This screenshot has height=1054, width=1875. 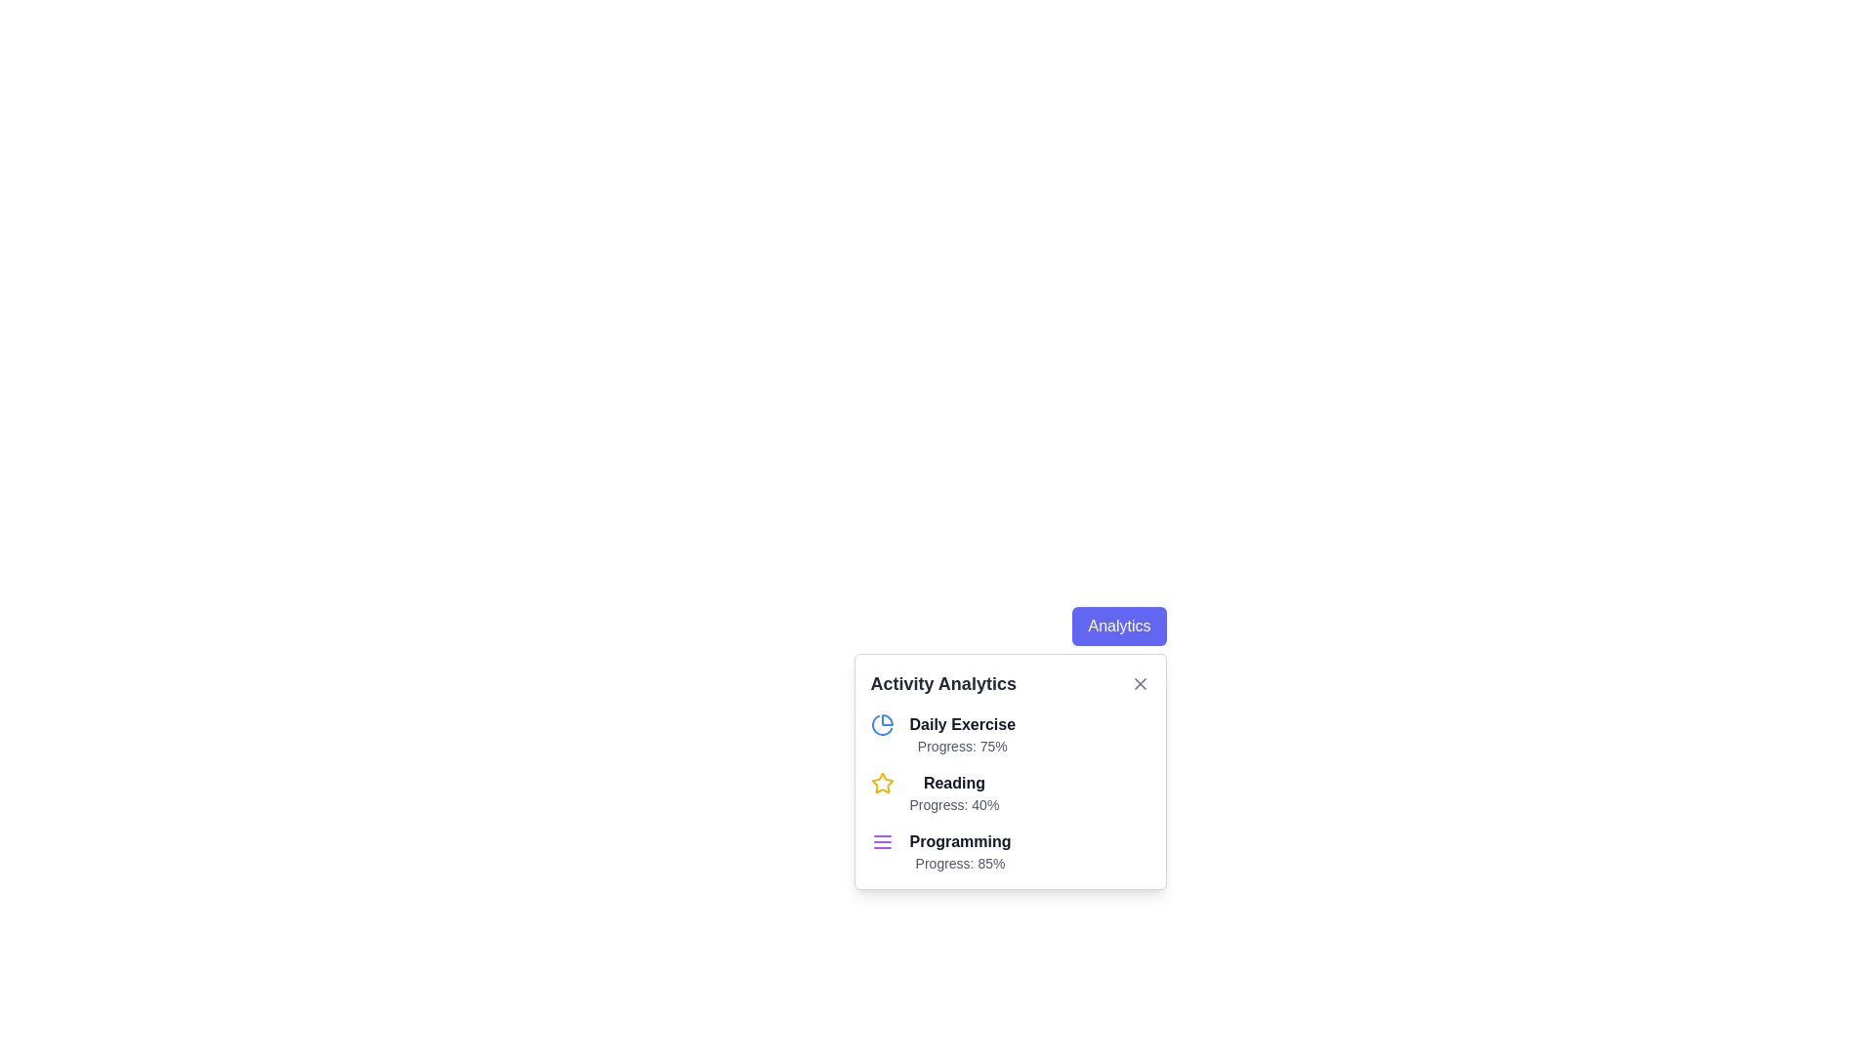 I want to click on the close button located at the top-right corner of the 'Activity Analytics' panel to trigger hover effects, so click(x=1140, y=683).